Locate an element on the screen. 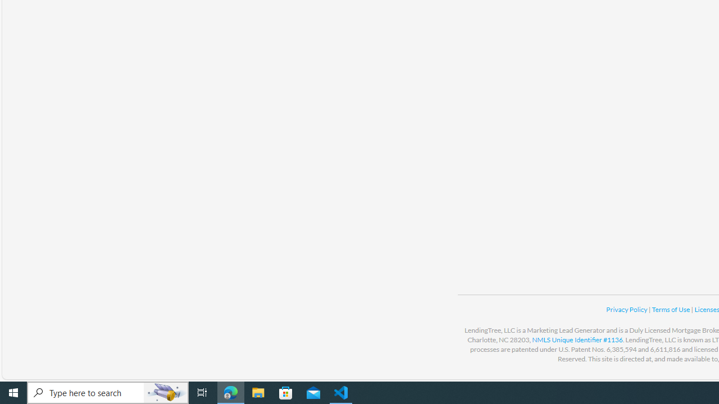 The width and height of the screenshot is (719, 404). 'Terms of Use ' is located at coordinates (671, 309).